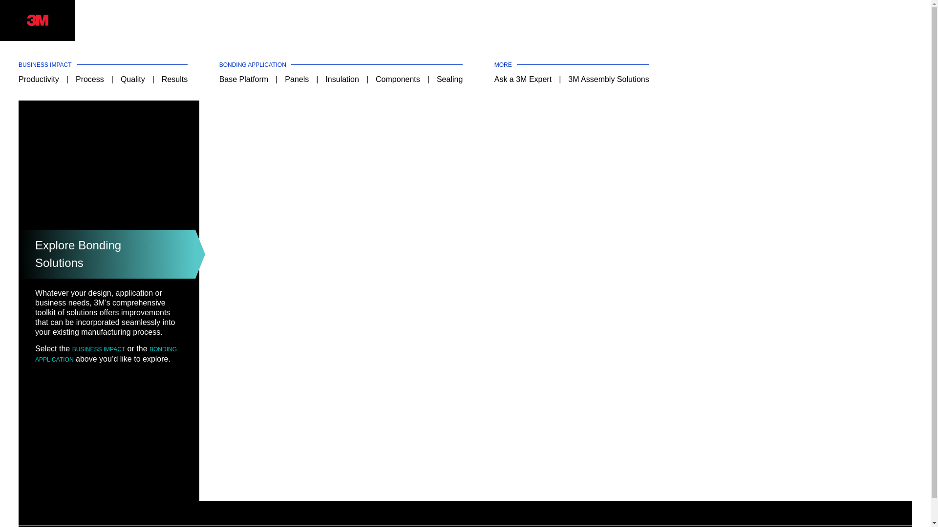  Describe the element at coordinates (608, 79) in the screenshot. I see `'3M Assembly Solutions` at that location.